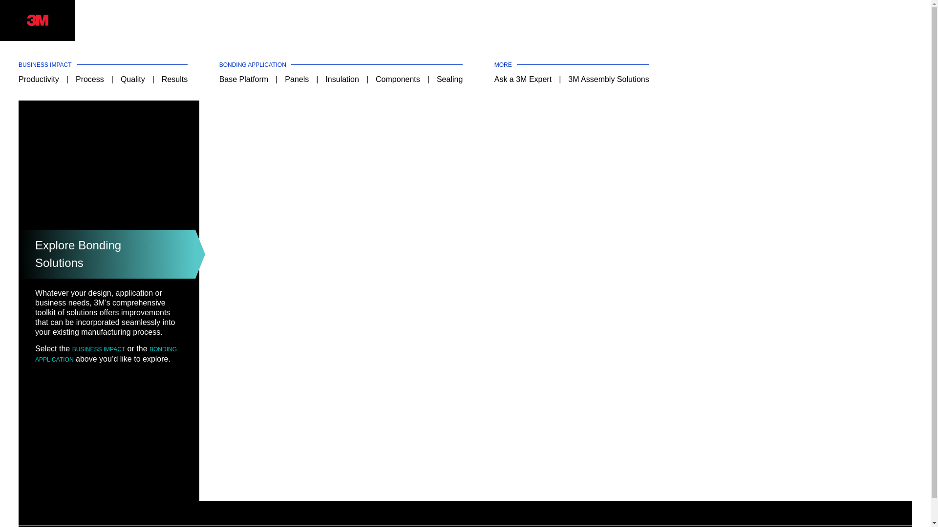  Describe the element at coordinates (608, 79) in the screenshot. I see `'3M Assembly Solutions` at that location.